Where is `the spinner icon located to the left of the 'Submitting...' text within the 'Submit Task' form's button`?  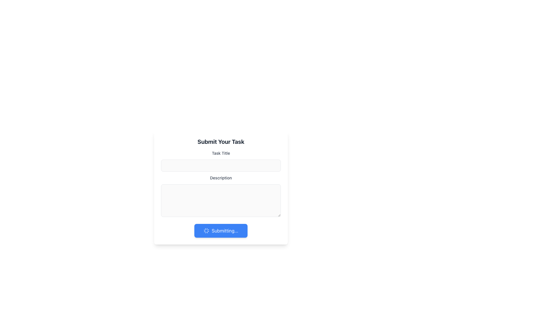
the spinner icon located to the left of the 'Submitting...' text within the 'Submit Task' form's button is located at coordinates (206, 230).